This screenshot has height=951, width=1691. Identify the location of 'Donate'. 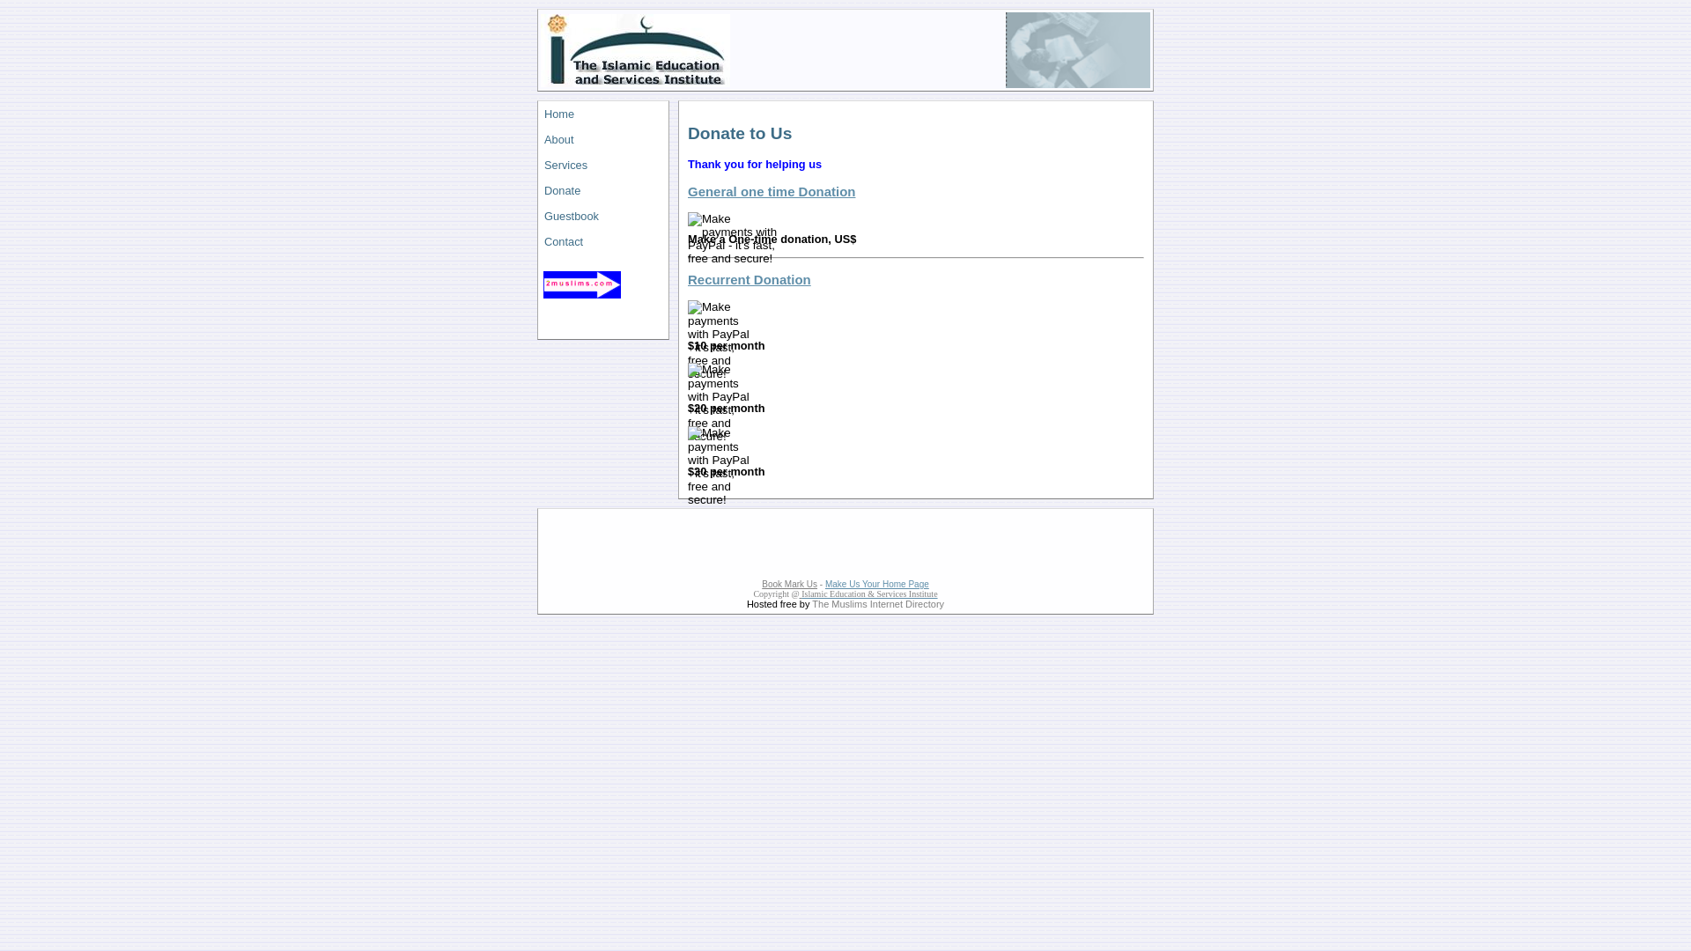
(603, 190).